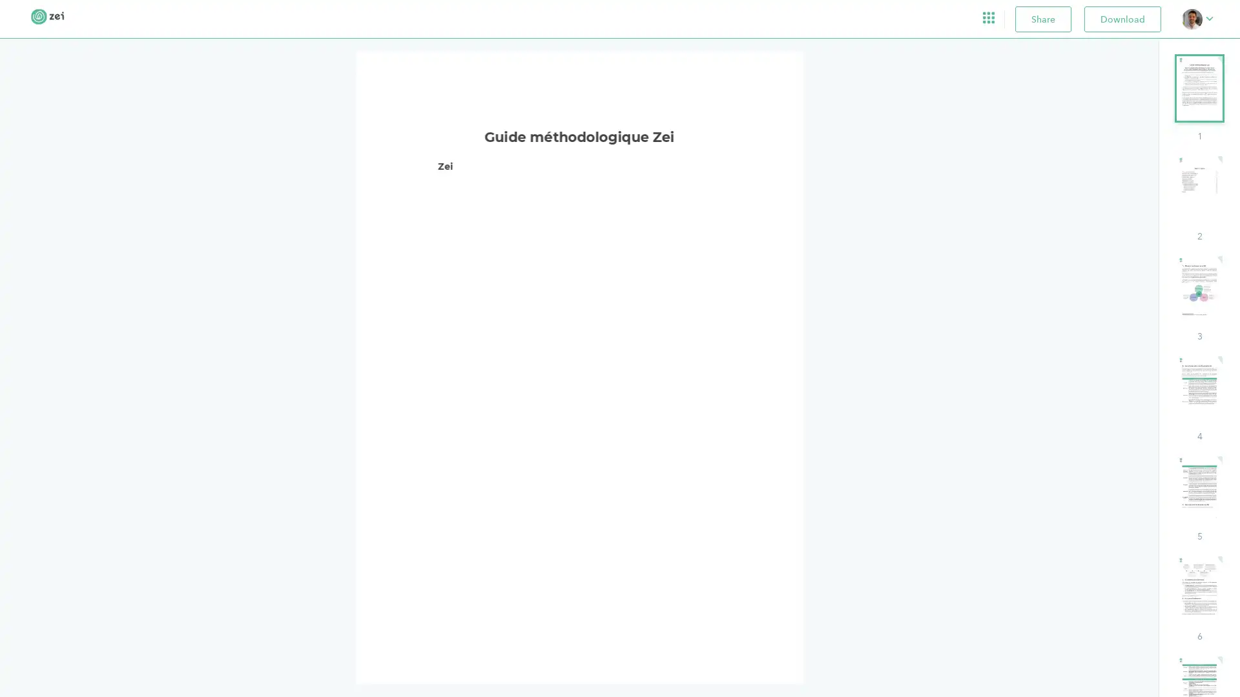  I want to click on Go to previous page, so click(570, 652).